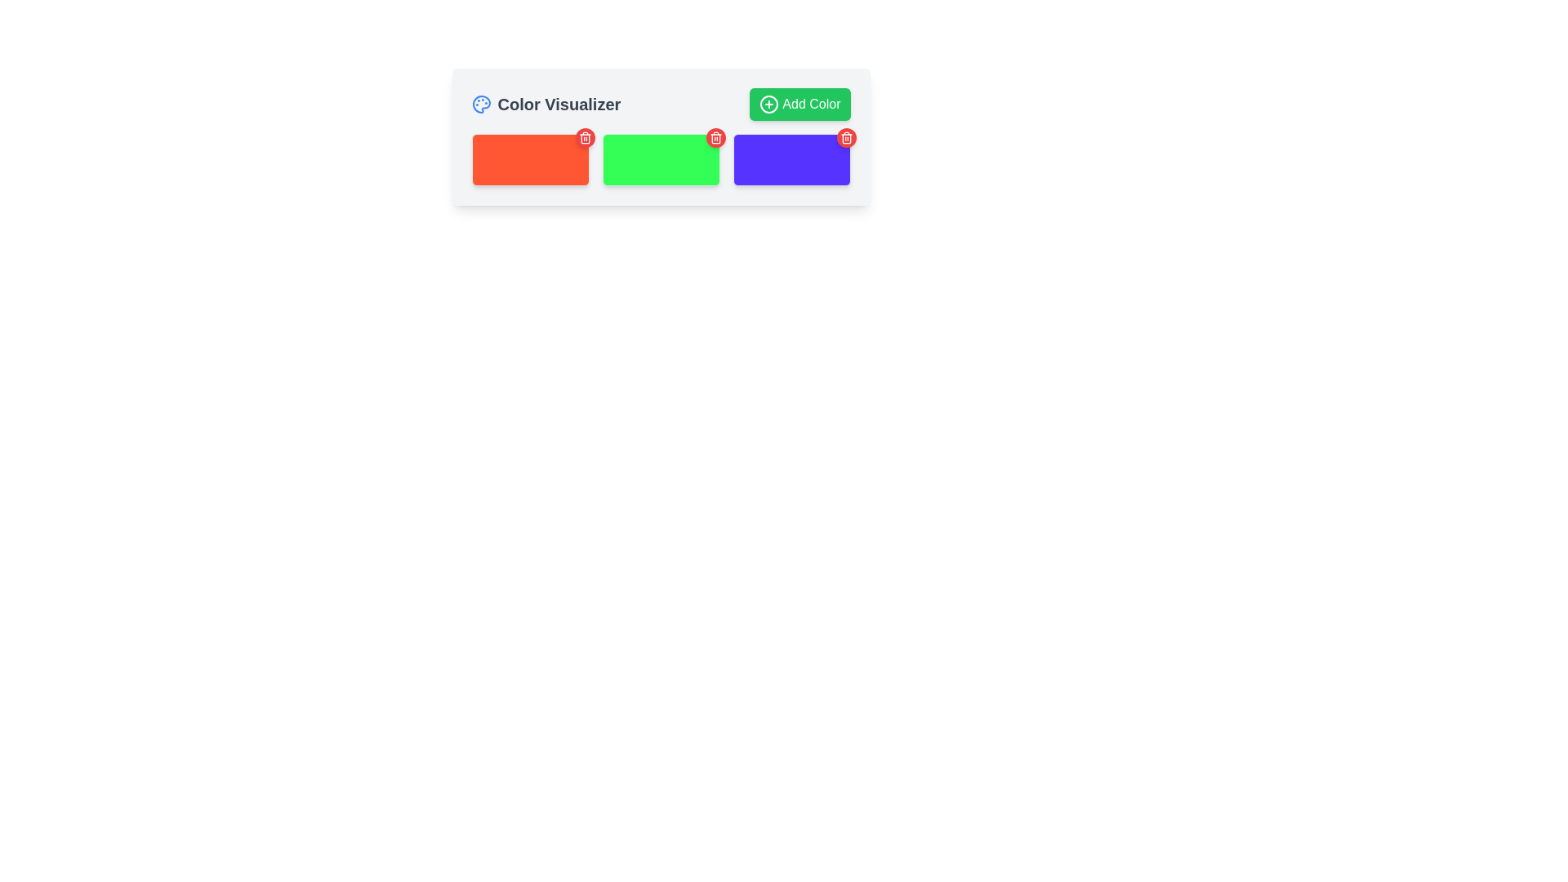 Image resolution: width=1568 pixels, height=882 pixels. What do you see at coordinates (768, 104) in the screenshot?
I see `the green circular icon with a plus sign inside, which is part of the 'Add Color' button` at bounding box center [768, 104].